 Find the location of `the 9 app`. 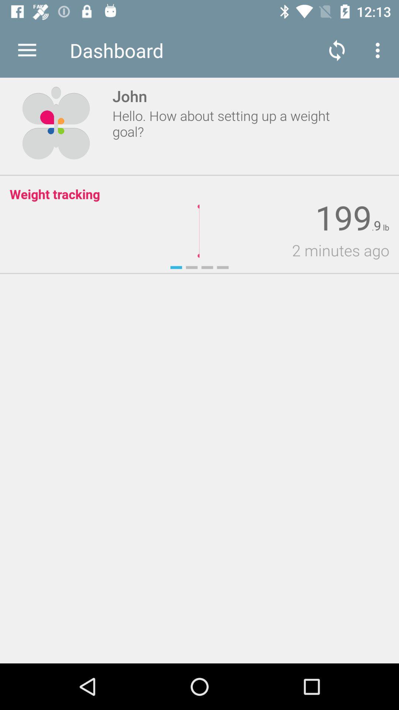

the 9 app is located at coordinates (377, 225).